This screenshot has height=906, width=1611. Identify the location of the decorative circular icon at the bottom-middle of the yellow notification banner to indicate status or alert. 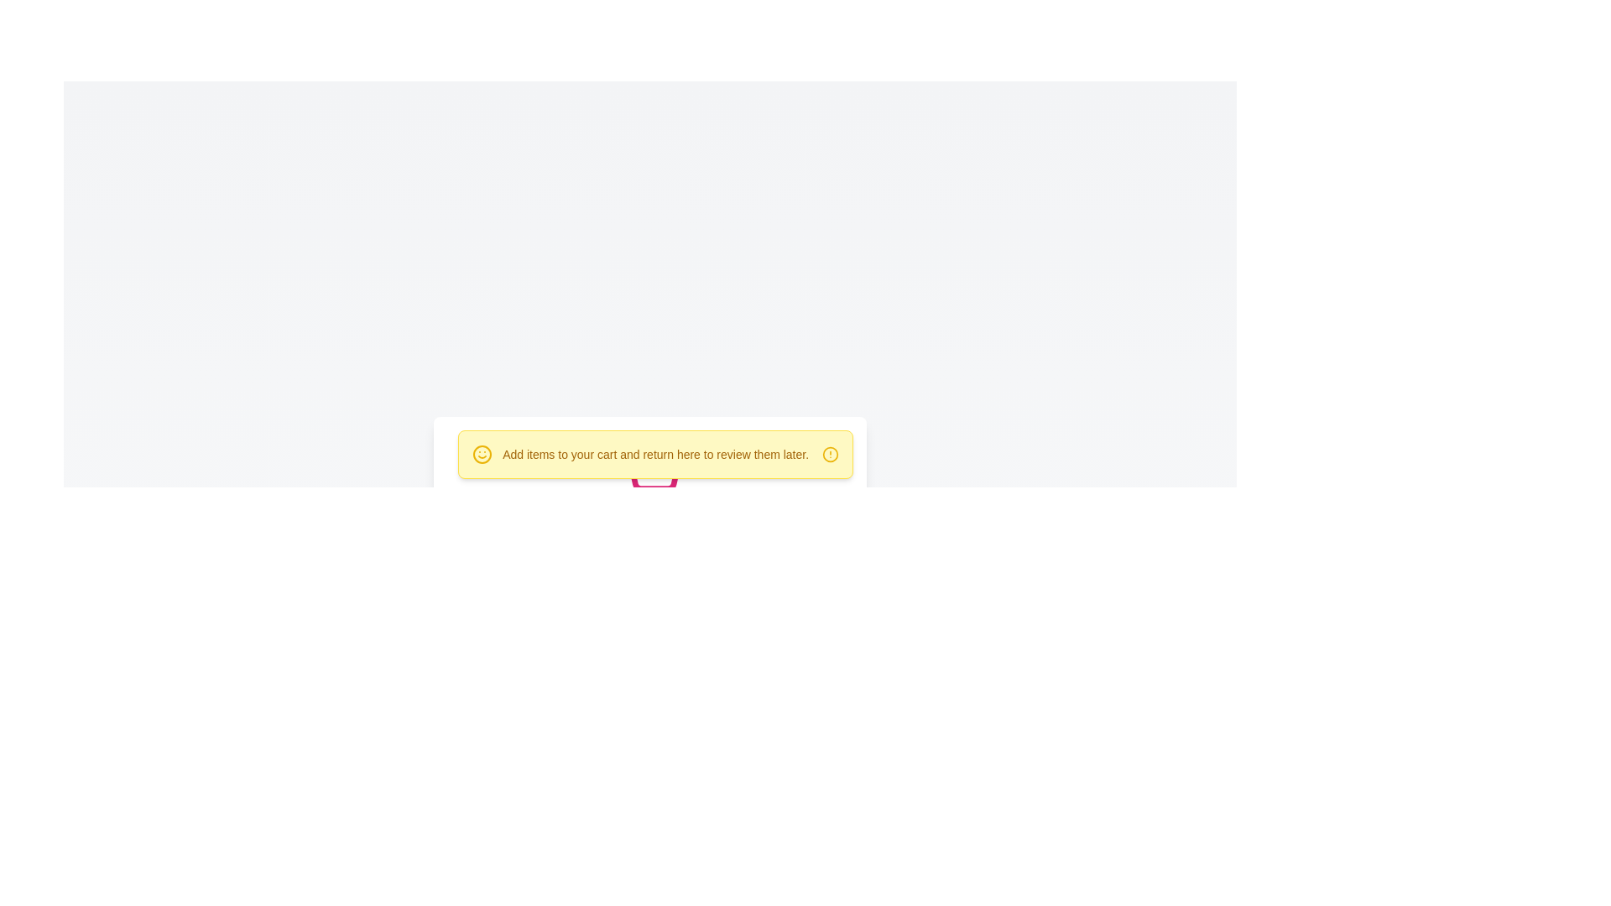
(831, 455).